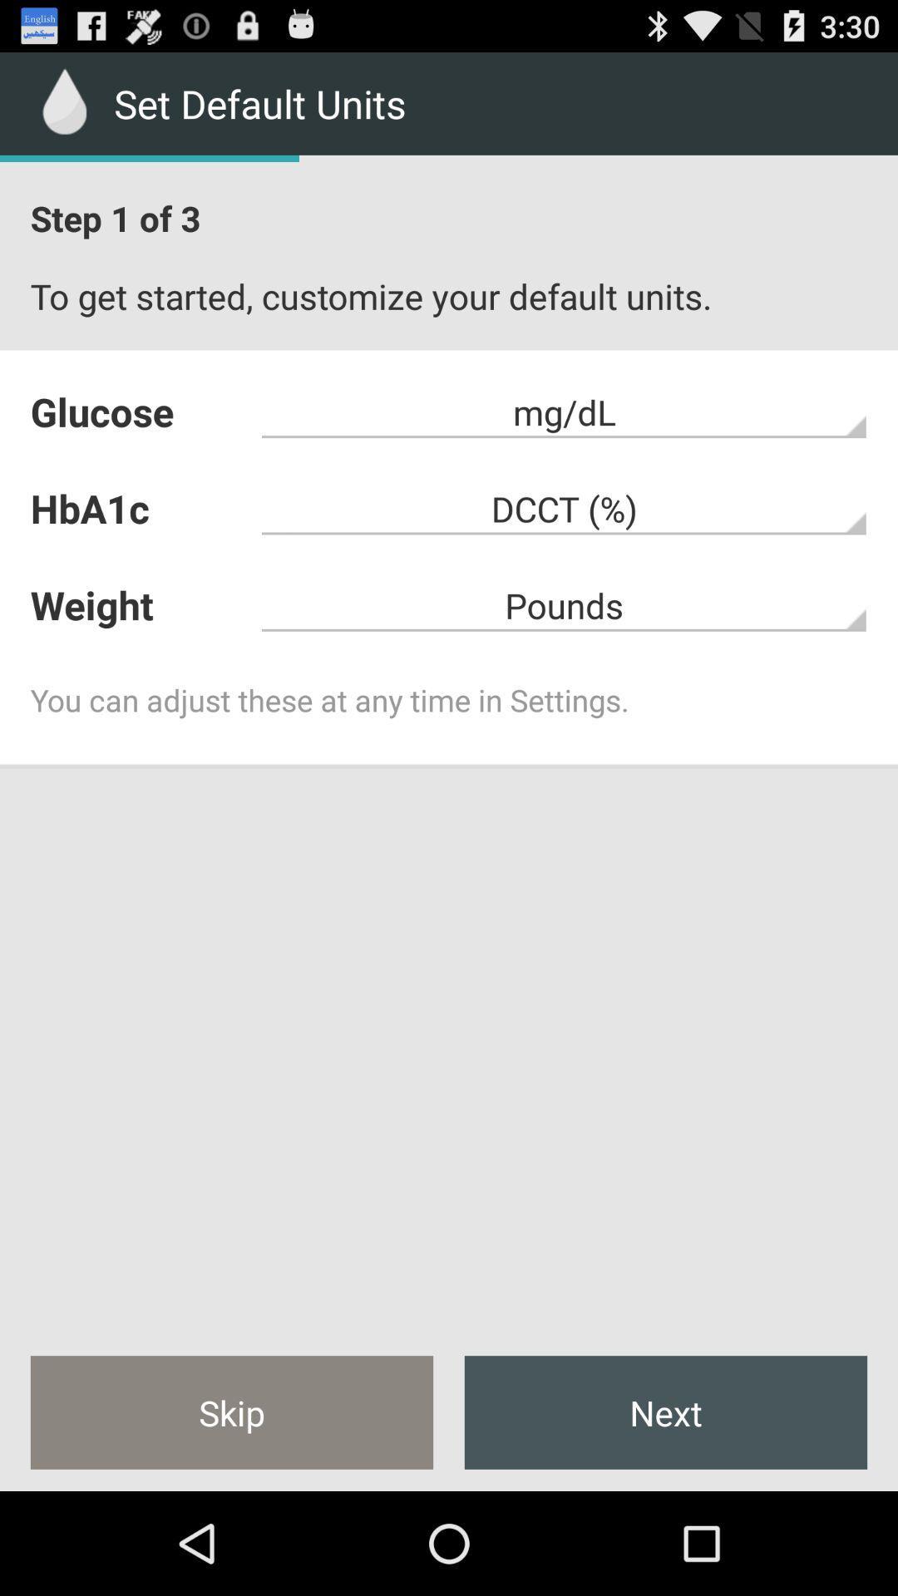 The image size is (898, 1596). I want to click on the icon next to hba1c icon, so click(564, 604).